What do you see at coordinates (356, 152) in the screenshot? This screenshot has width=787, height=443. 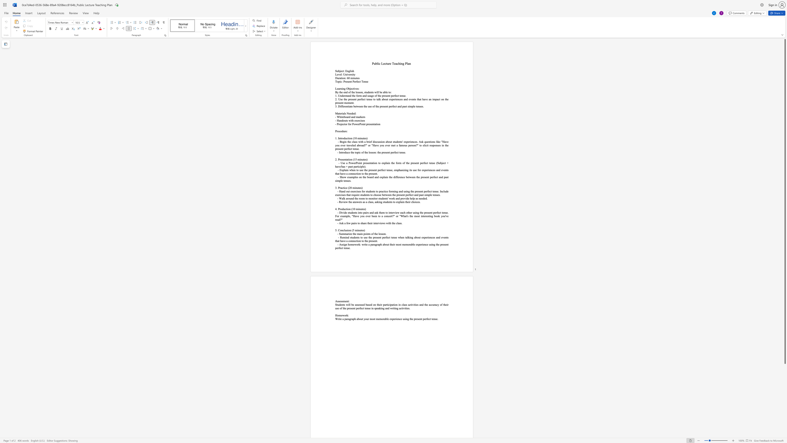 I see `the space between the continuous character "t" and "o" in the text` at bounding box center [356, 152].